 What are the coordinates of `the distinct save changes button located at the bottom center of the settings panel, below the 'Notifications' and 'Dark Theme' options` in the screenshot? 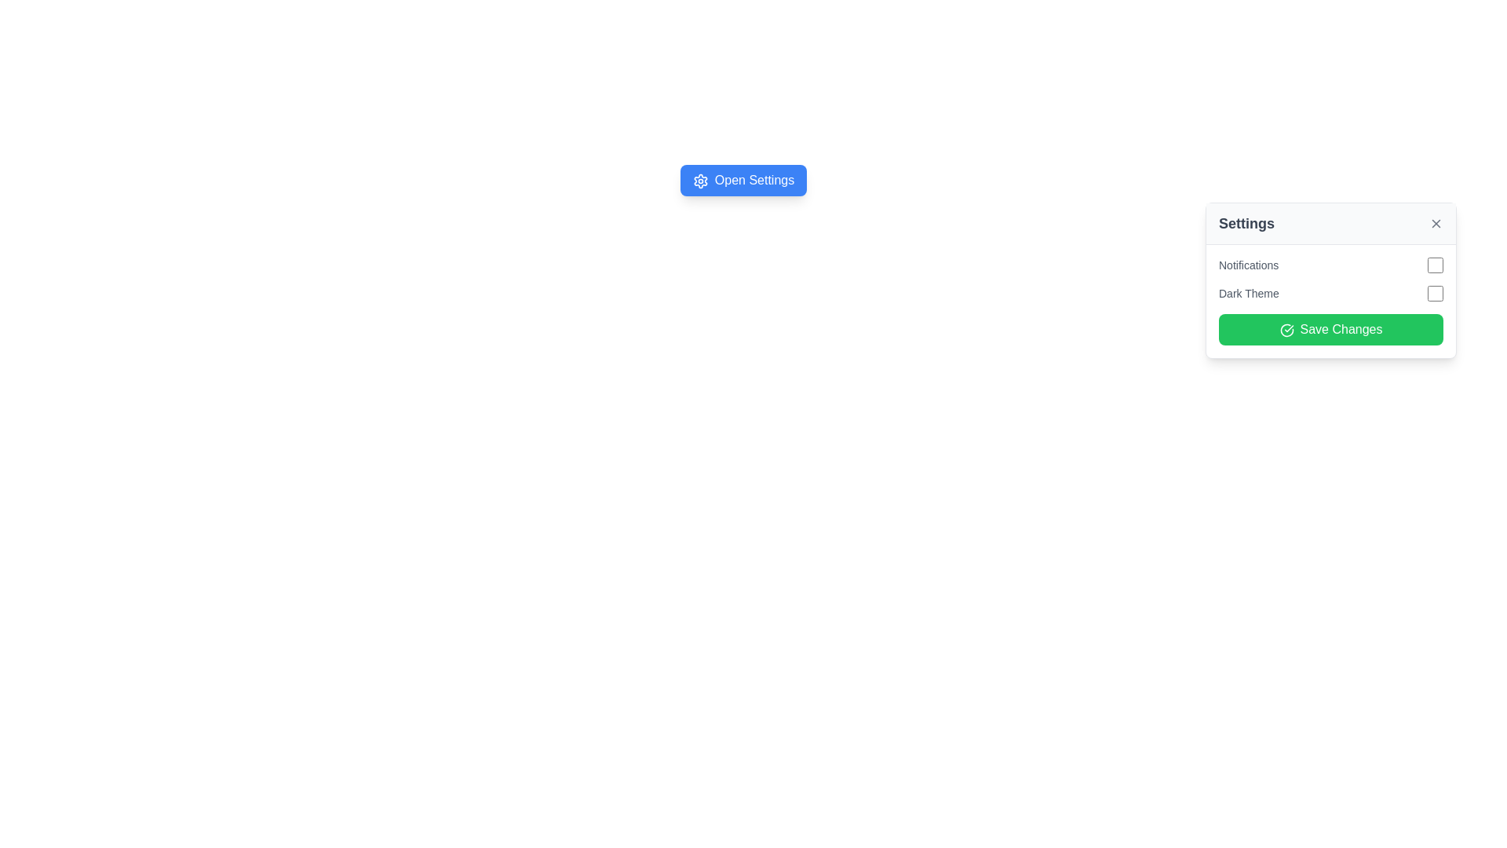 It's located at (1330, 329).